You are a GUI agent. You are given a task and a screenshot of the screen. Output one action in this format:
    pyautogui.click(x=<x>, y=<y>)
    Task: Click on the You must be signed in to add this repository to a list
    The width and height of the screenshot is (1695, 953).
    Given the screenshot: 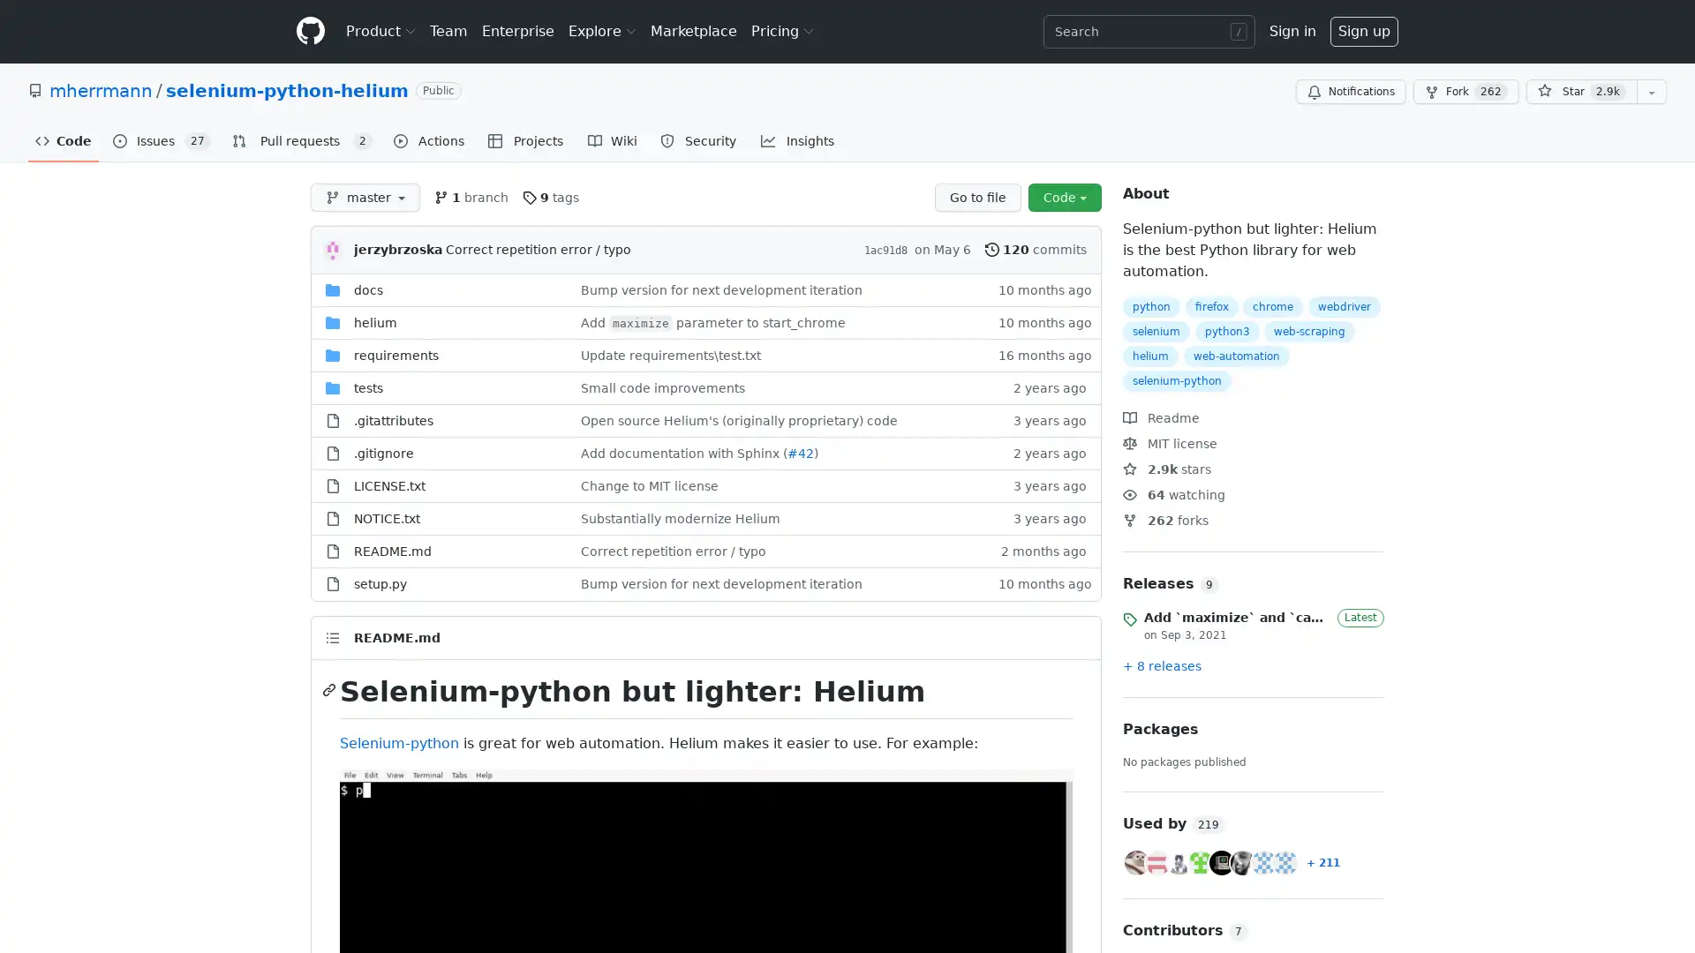 What is the action you would take?
    pyautogui.click(x=1651, y=92)
    